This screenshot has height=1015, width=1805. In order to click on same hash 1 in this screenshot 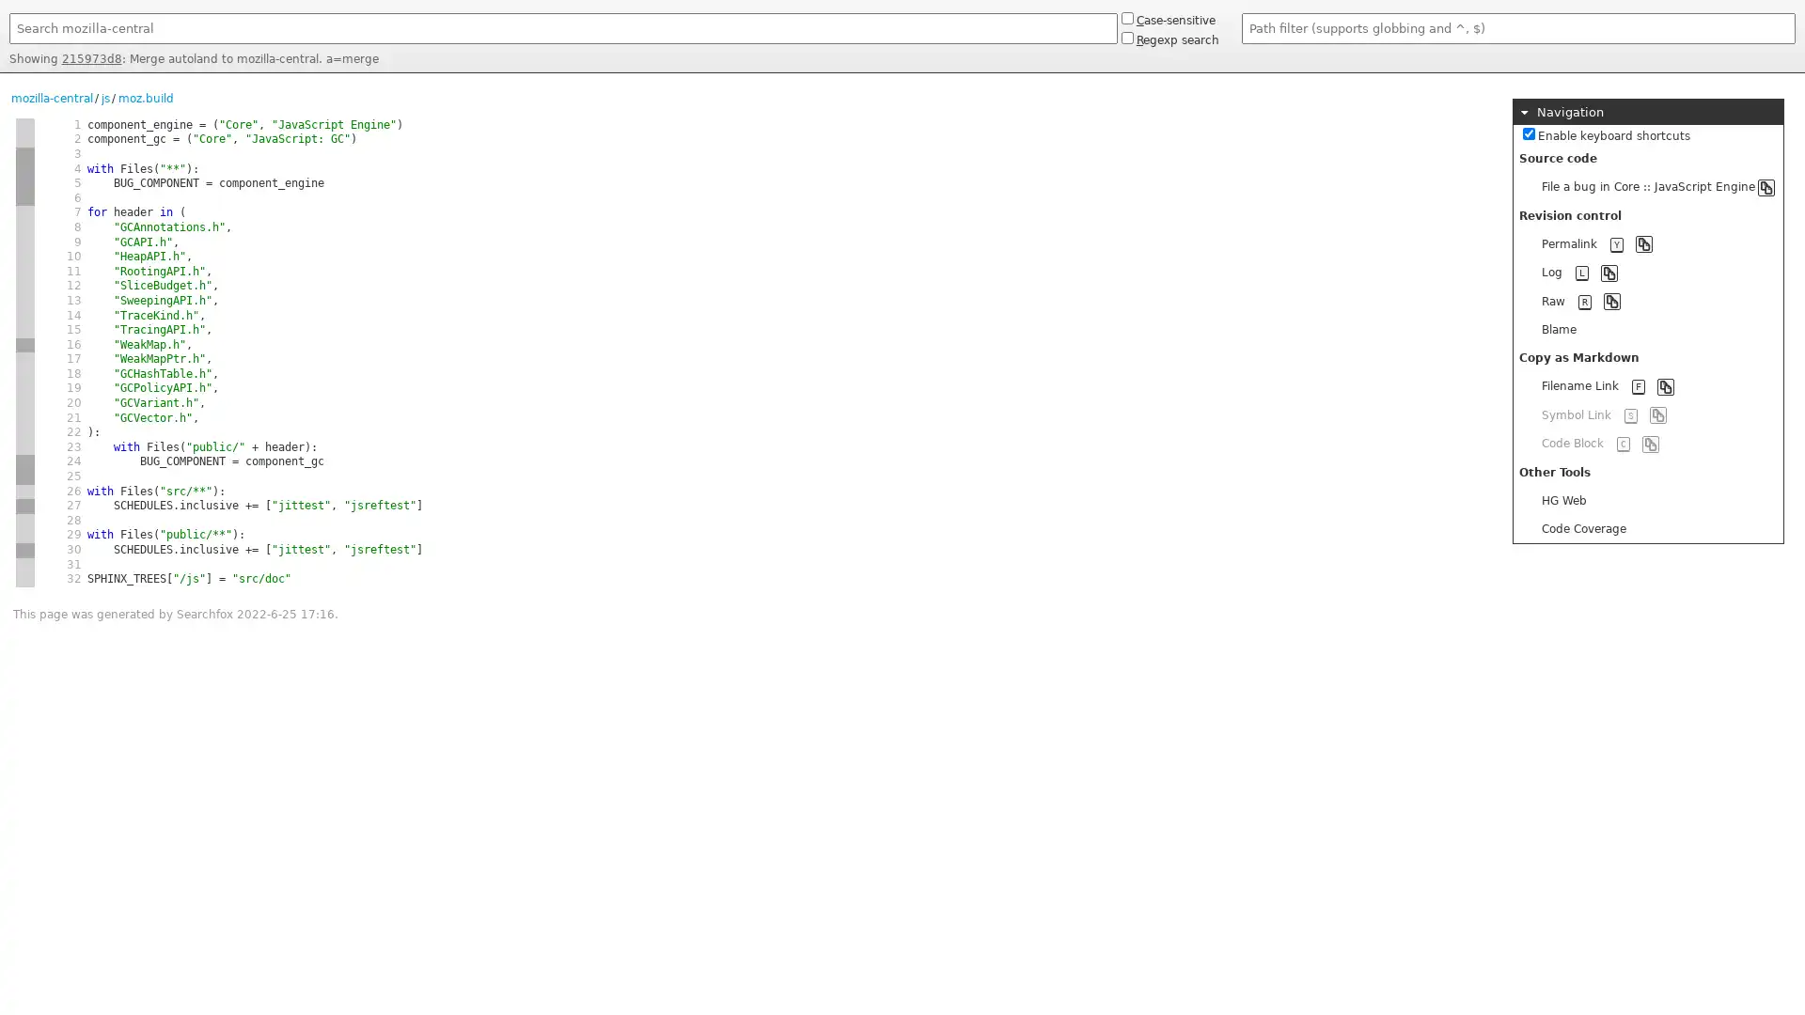, I will do `click(25, 432)`.